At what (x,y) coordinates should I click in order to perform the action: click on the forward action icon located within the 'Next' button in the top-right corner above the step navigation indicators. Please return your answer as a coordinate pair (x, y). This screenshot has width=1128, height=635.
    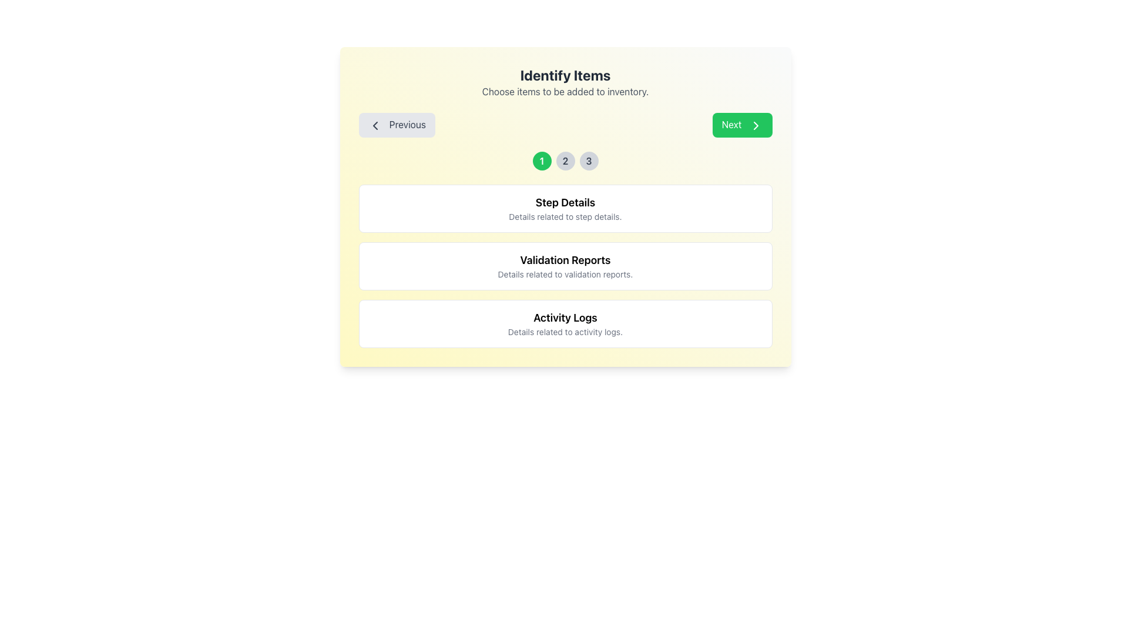
    Looking at the image, I should click on (756, 125).